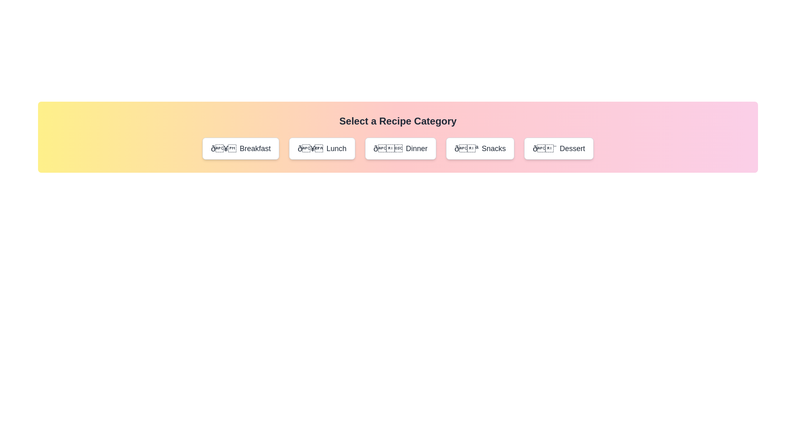  I want to click on the Lunch button to see the hover effect, so click(321, 148).